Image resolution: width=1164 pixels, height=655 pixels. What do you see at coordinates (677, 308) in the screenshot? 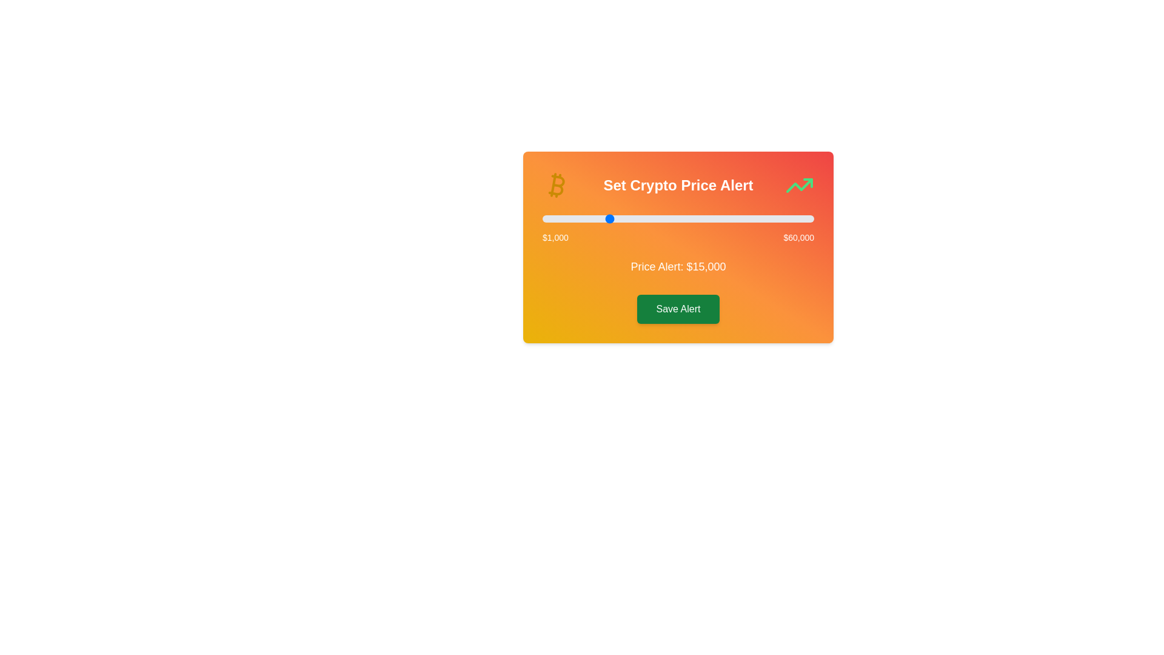
I see `the 'Save Alert' button to confirm the selected price` at bounding box center [677, 308].